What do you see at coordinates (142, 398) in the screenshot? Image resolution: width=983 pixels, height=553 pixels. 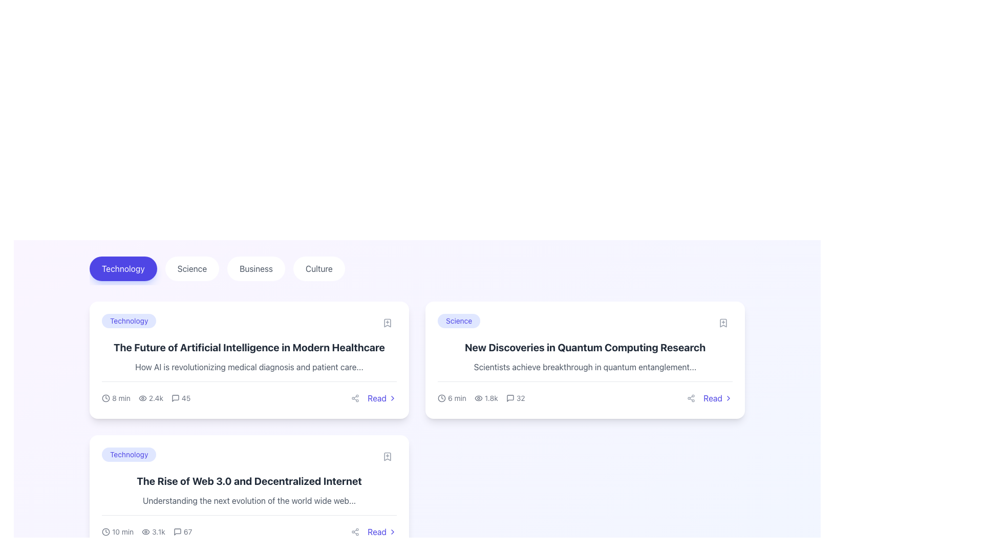 I see `the eye-shaped icon located to the left of the text '2.4k' beneath the article titled 'The Future of Artificial Intelligence in Modern Healthcare'` at bounding box center [142, 398].